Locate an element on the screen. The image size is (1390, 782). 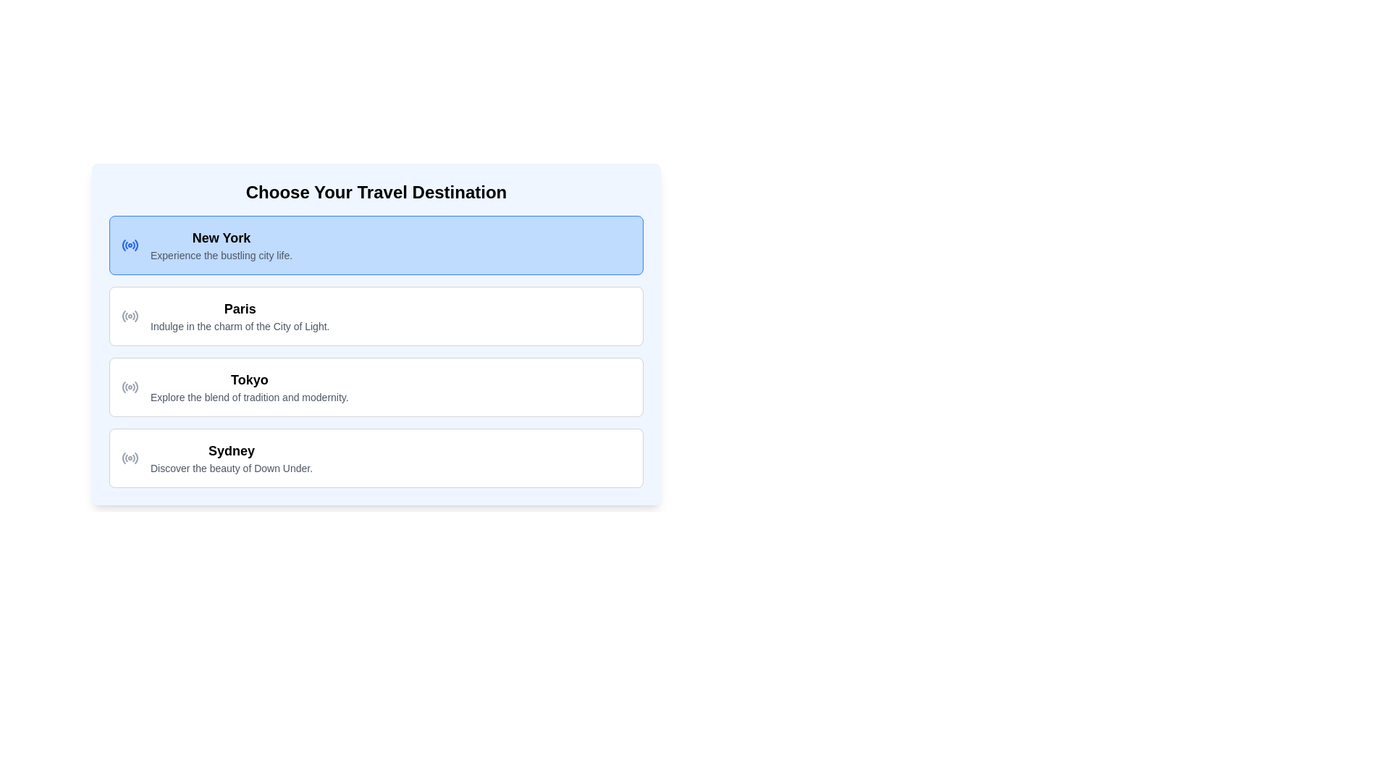
the Textual Display Block that provides information about the destination 'Sydney', located as the last item in a vertically stacked list of content cards is located at coordinates (232, 458).